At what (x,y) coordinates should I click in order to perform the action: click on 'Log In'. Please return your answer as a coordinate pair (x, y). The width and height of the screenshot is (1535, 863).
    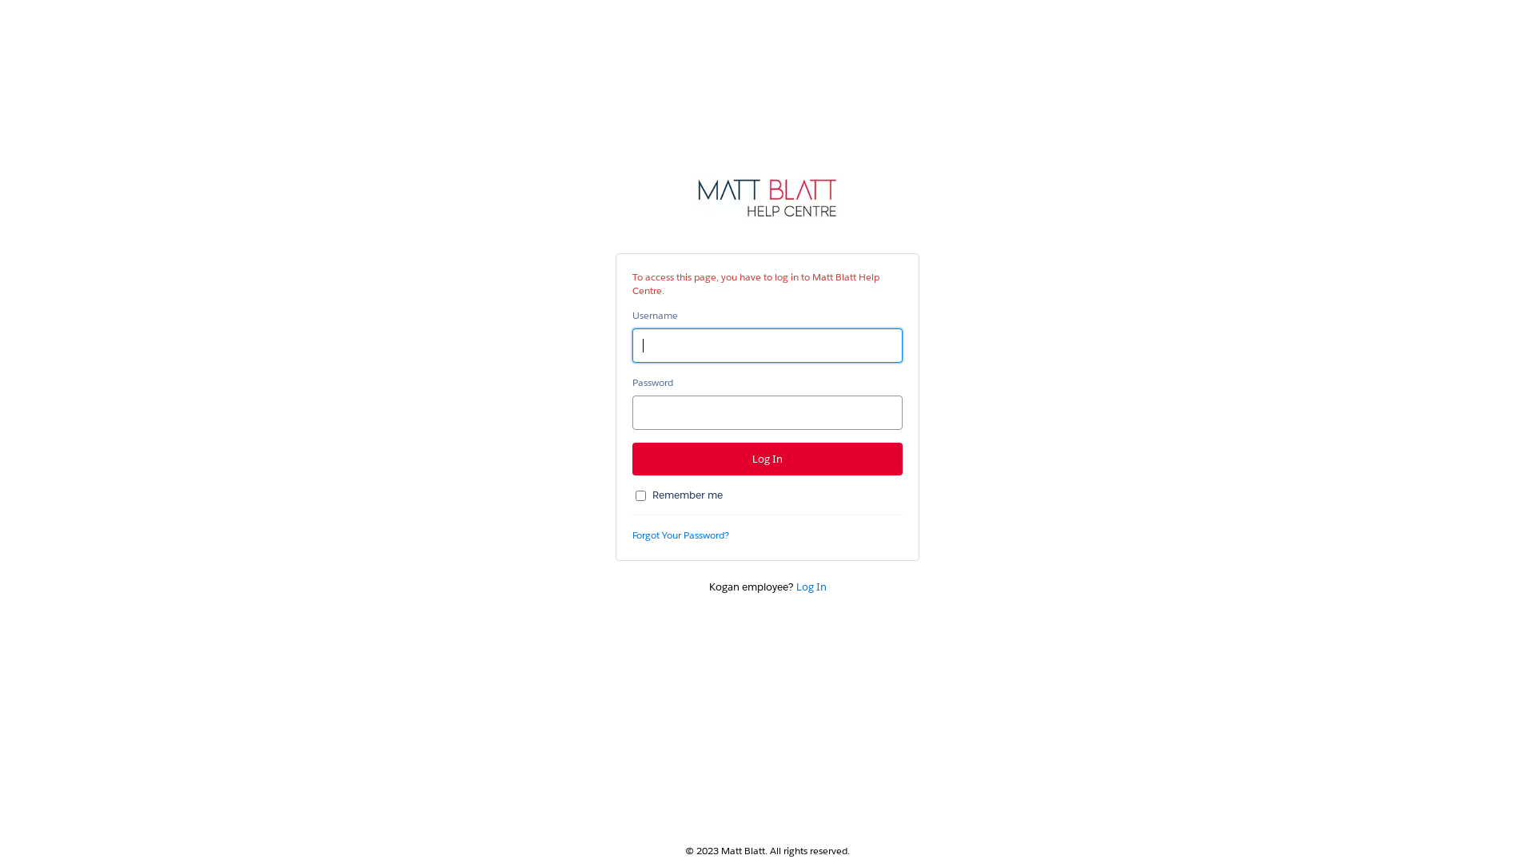
    Looking at the image, I should click on (767, 459).